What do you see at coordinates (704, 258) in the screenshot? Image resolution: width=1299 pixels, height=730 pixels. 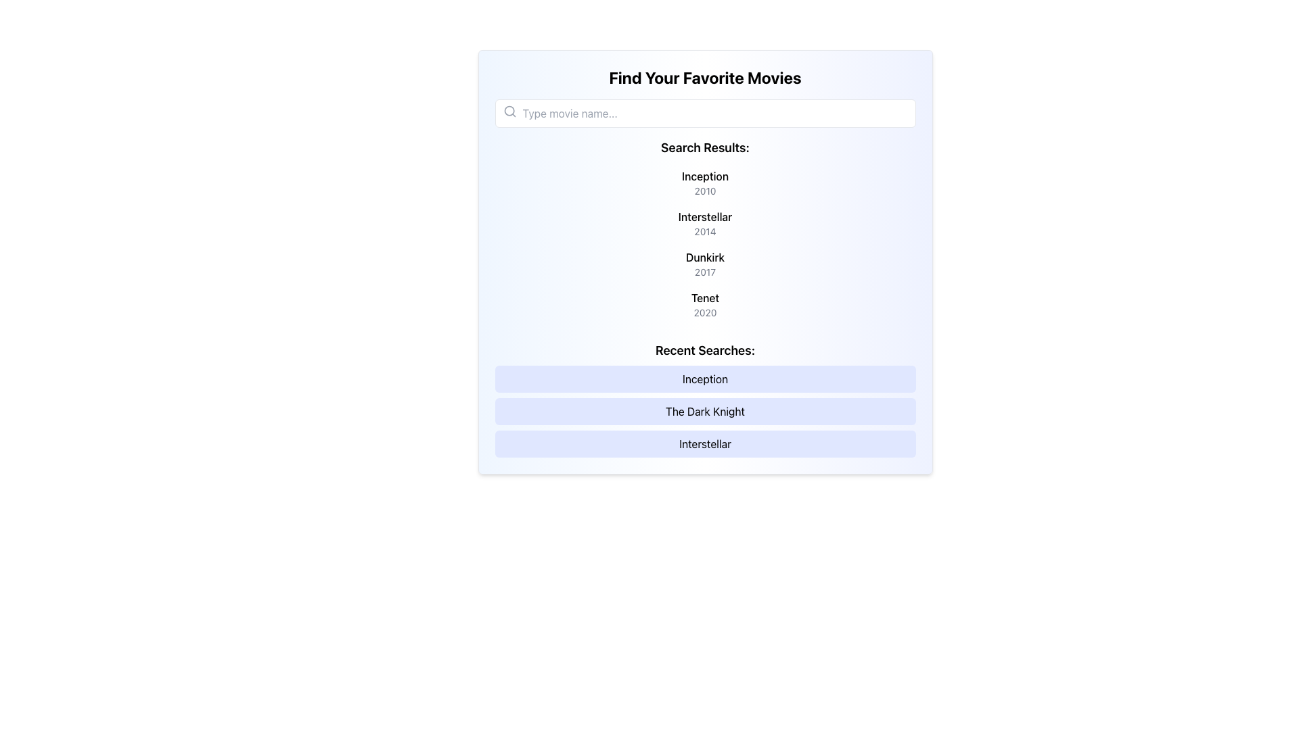 I see `the text label displaying 'Dunkirk' in the search results list` at bounding box center [704, 258].